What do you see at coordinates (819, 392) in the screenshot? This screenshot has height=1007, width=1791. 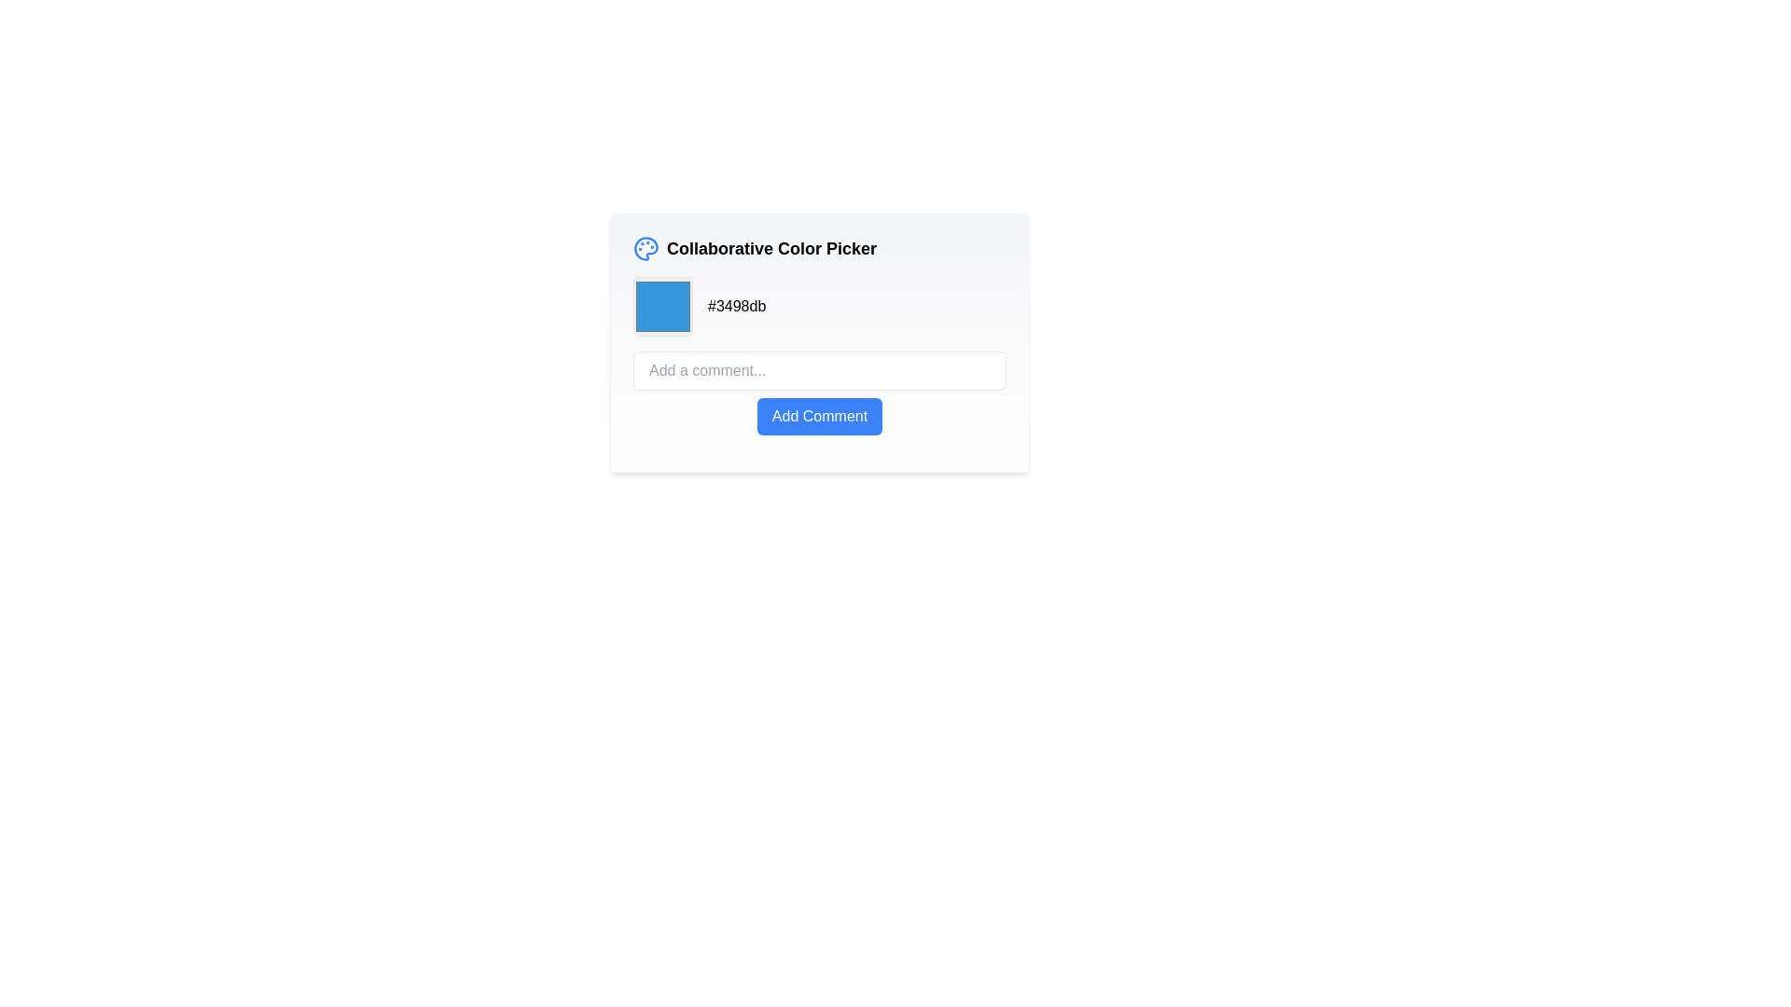 I see `the submit button located below the 'Add a comment...' text input field within the color picker interface` at bounding box center [819, 392].